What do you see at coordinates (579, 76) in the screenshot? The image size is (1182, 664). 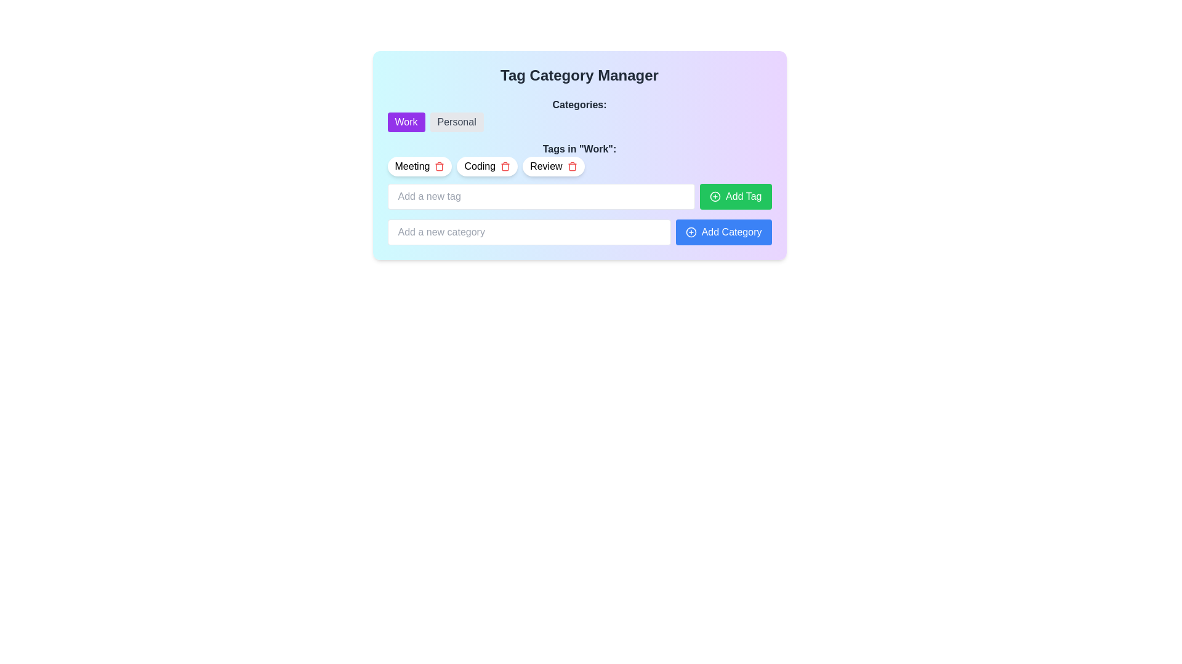 I see `on the 'Tag Category Manager' header text` at bounding box center [579, 76].